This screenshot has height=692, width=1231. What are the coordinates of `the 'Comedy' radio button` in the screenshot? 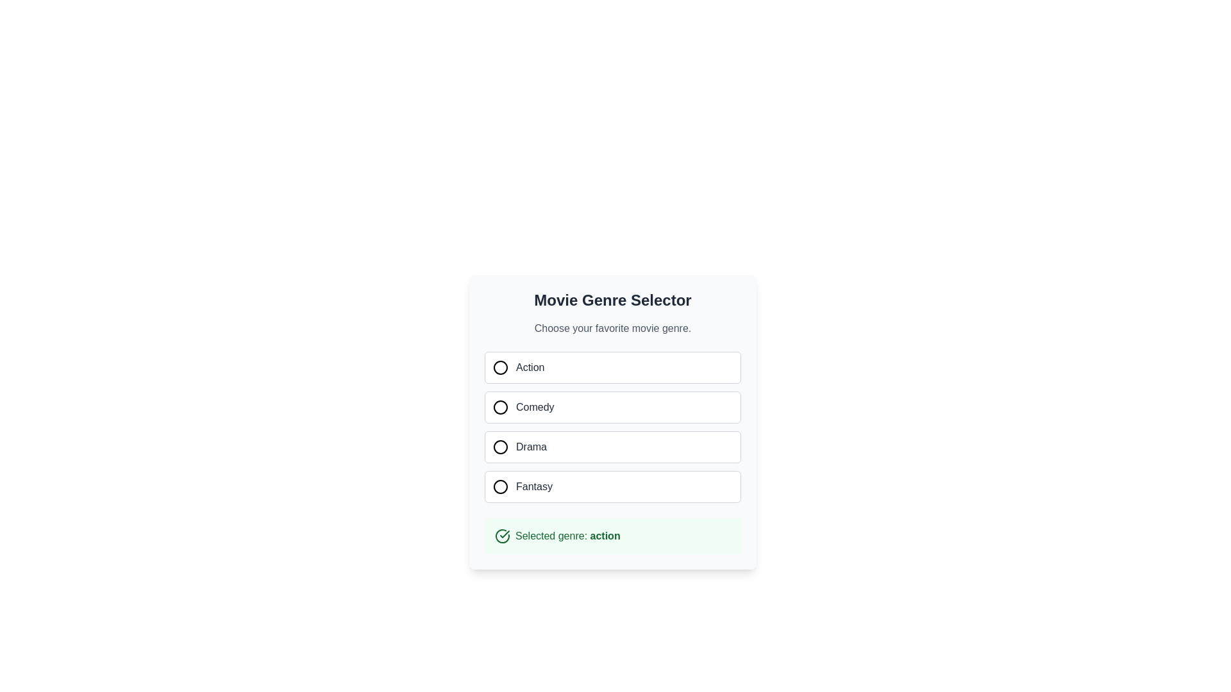 It's located at (523, 408).